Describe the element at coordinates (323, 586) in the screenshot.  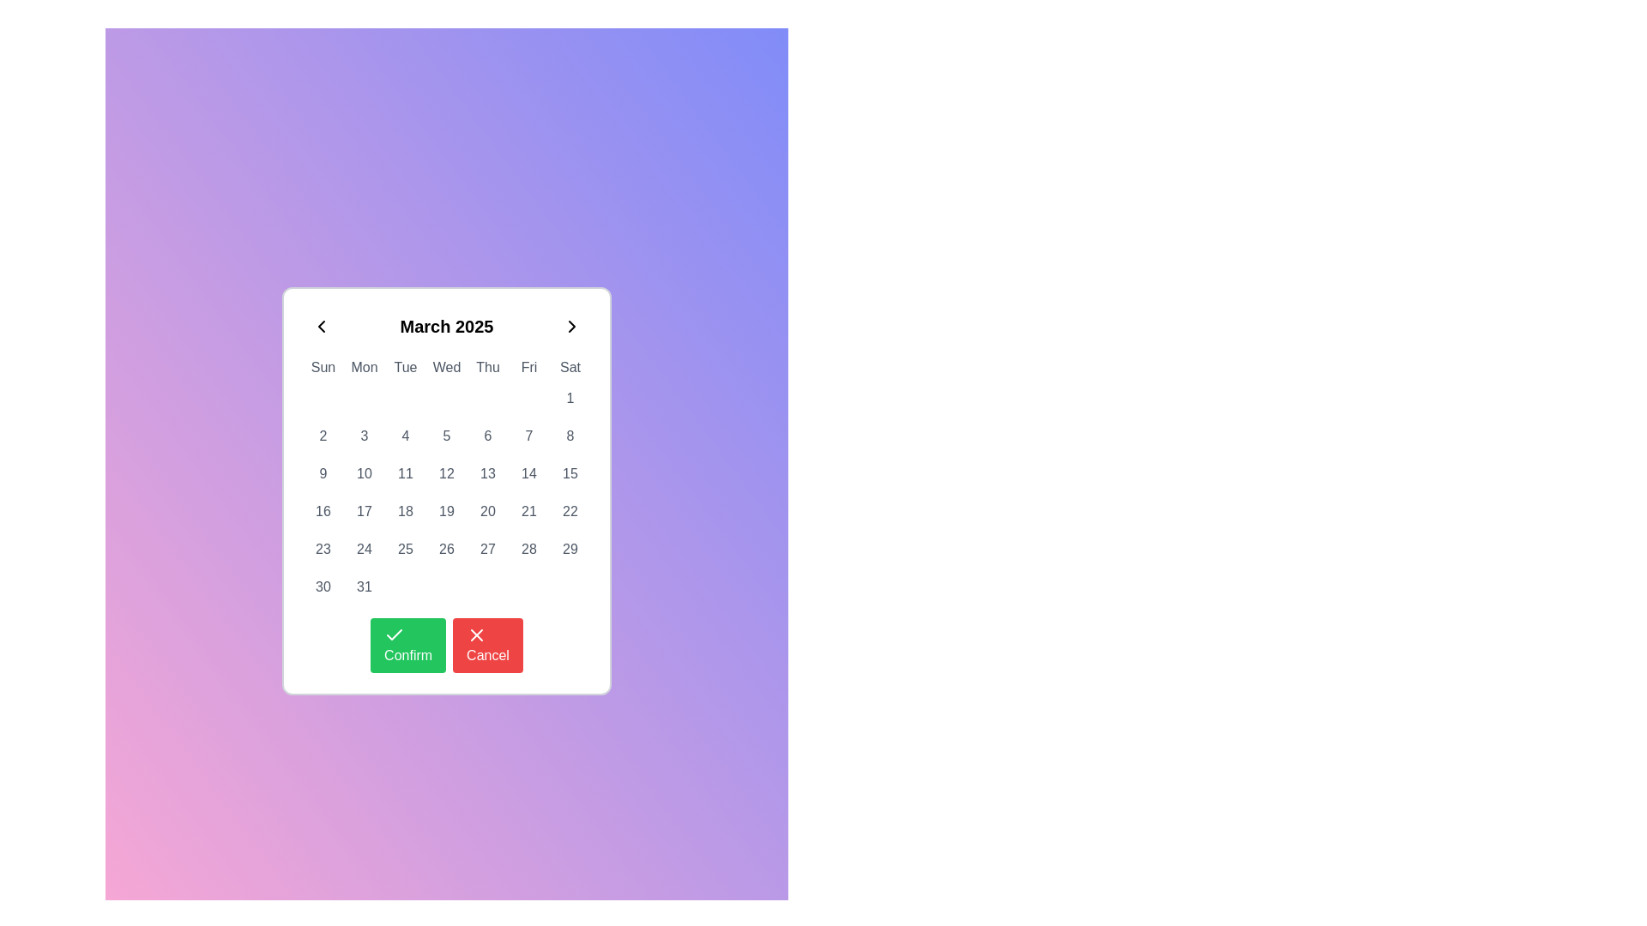
I see `the selectable date button representing the 30th of the month in the calendar interface` at that location.